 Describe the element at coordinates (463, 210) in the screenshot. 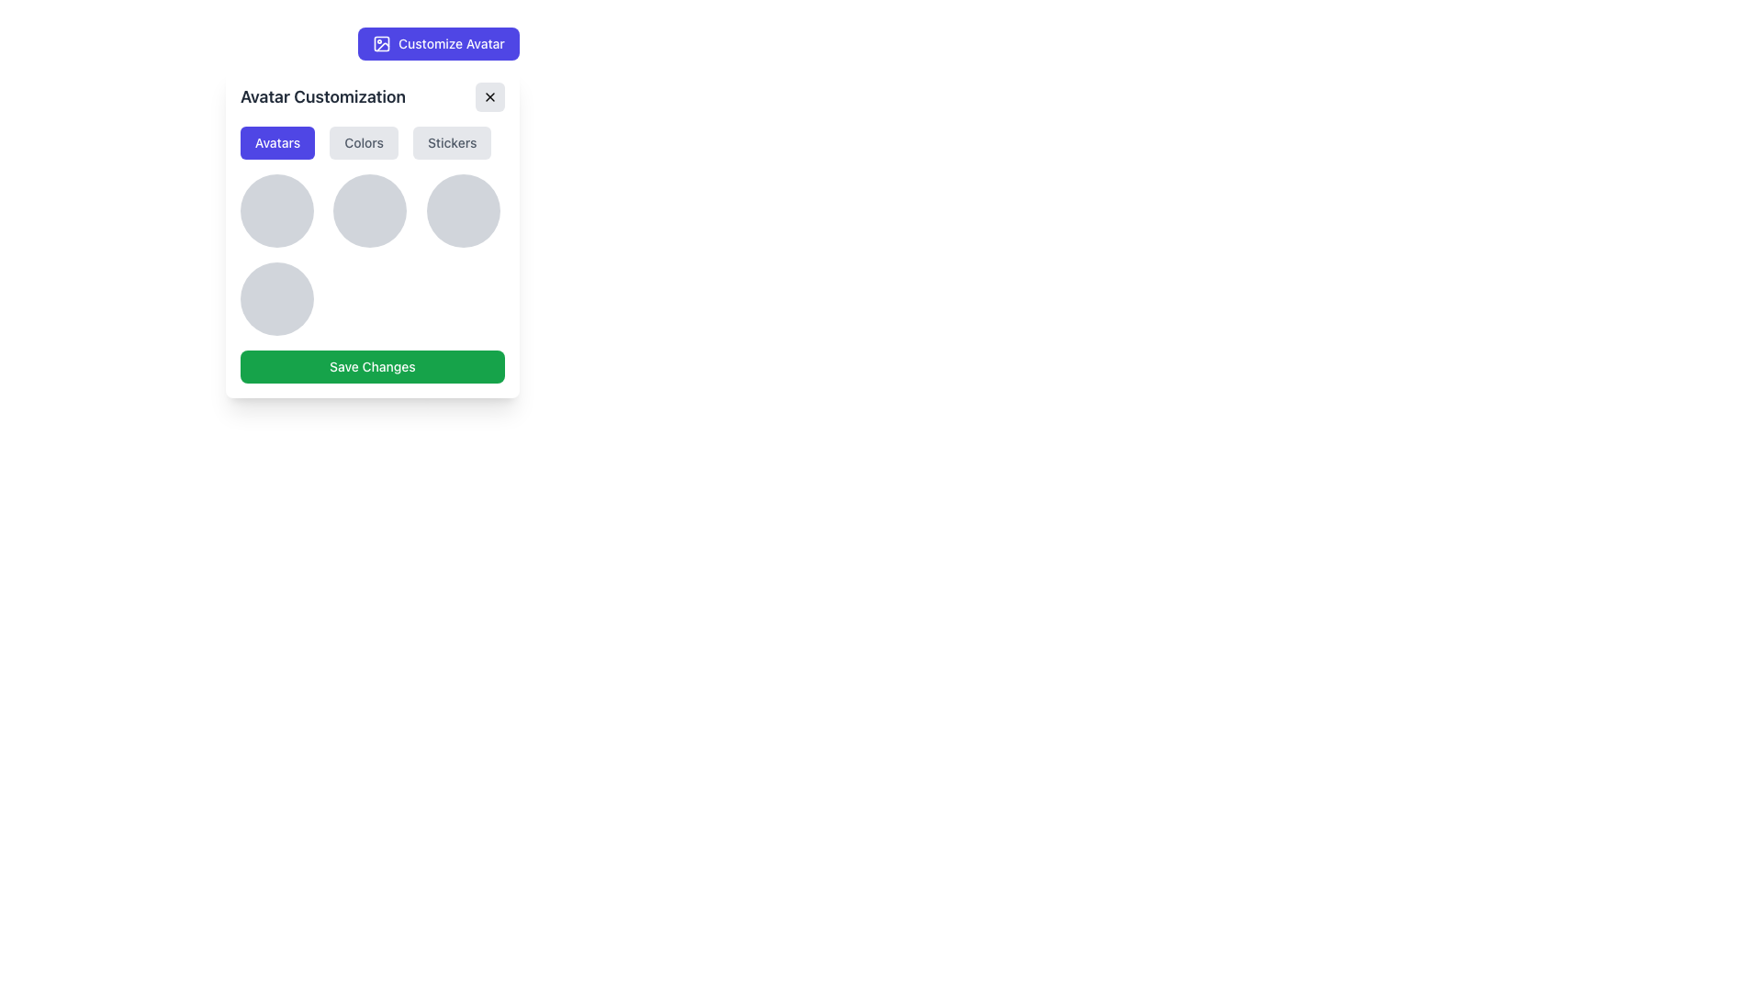

I see `the top-right circle in a grid layout consisting of four circles, positioned in the top row, third column` at that location.